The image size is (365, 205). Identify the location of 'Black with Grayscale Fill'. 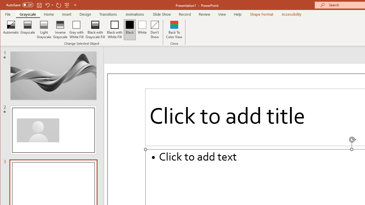
(95, 30).